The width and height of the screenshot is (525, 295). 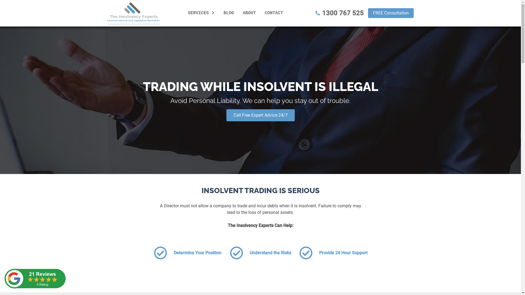 What do you see at coordinates (390, 13) in the screenshot?
I see `'FREE Consultation'` at bounding box center [390, 13].